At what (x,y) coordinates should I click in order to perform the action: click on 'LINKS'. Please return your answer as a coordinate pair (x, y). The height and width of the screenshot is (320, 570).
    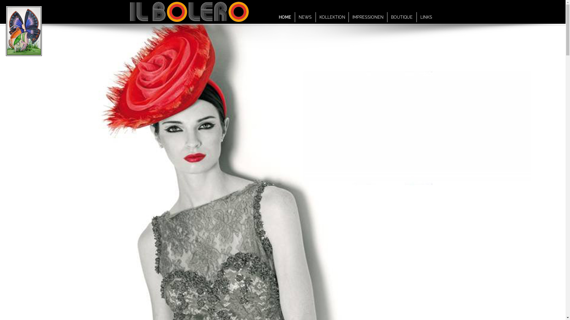
    Looking at the image, I should click on (426, 17).